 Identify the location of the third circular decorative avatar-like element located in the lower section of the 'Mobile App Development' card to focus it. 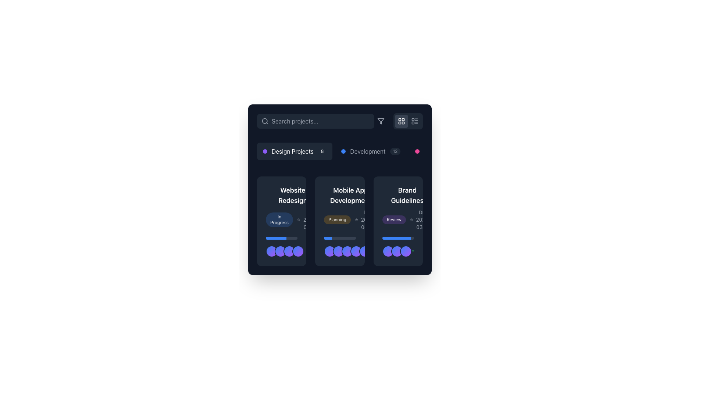
(339, 251).